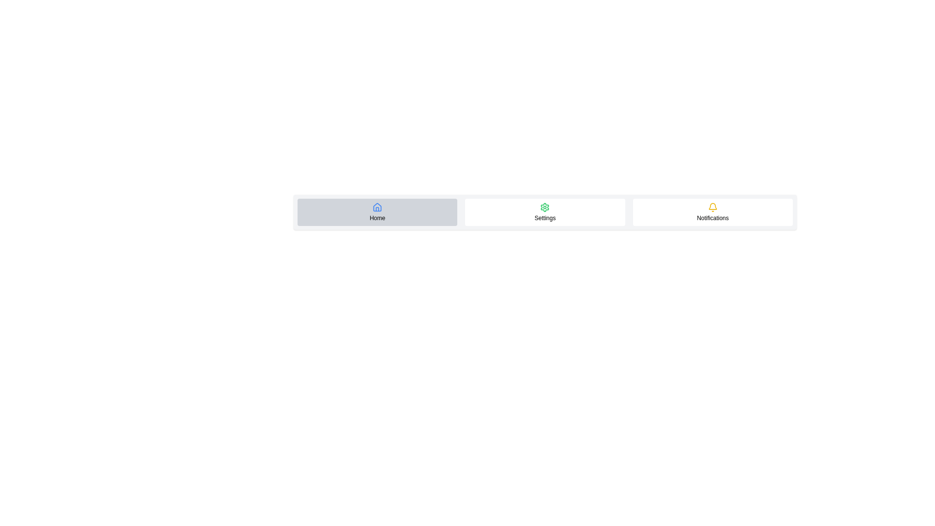 This screenshot has width=935, height=526. What do you see at coordinates (377, 217) in the screenshot?
I see `the 'Home' text label element, which is a small font size label displaying 'Home' directly below a blue house icon in the navigation bar` at bounding box center [377, 217].